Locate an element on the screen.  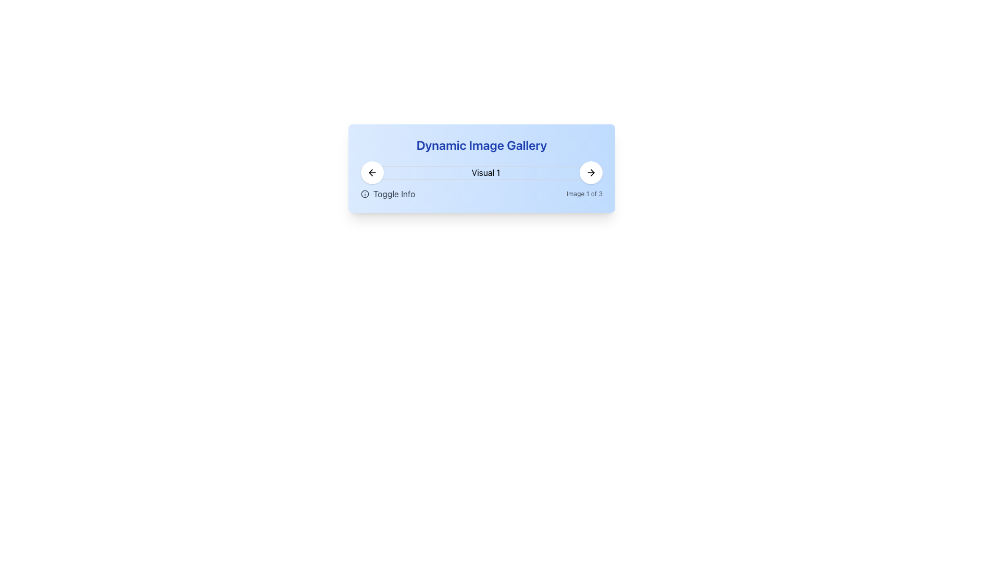
the left part of the Composite element displaying 'Toggle Info' is located at coordinates (481, 194).